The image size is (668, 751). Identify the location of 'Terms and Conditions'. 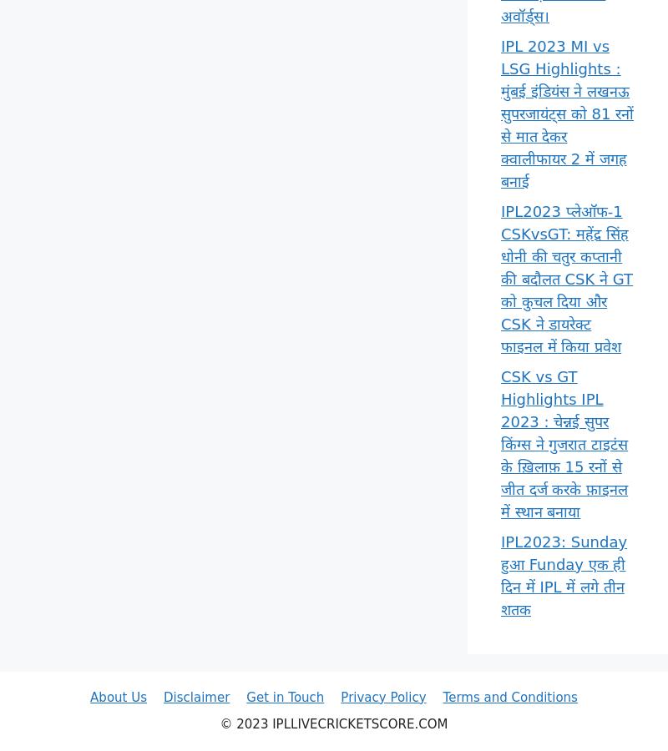
(509, 697).